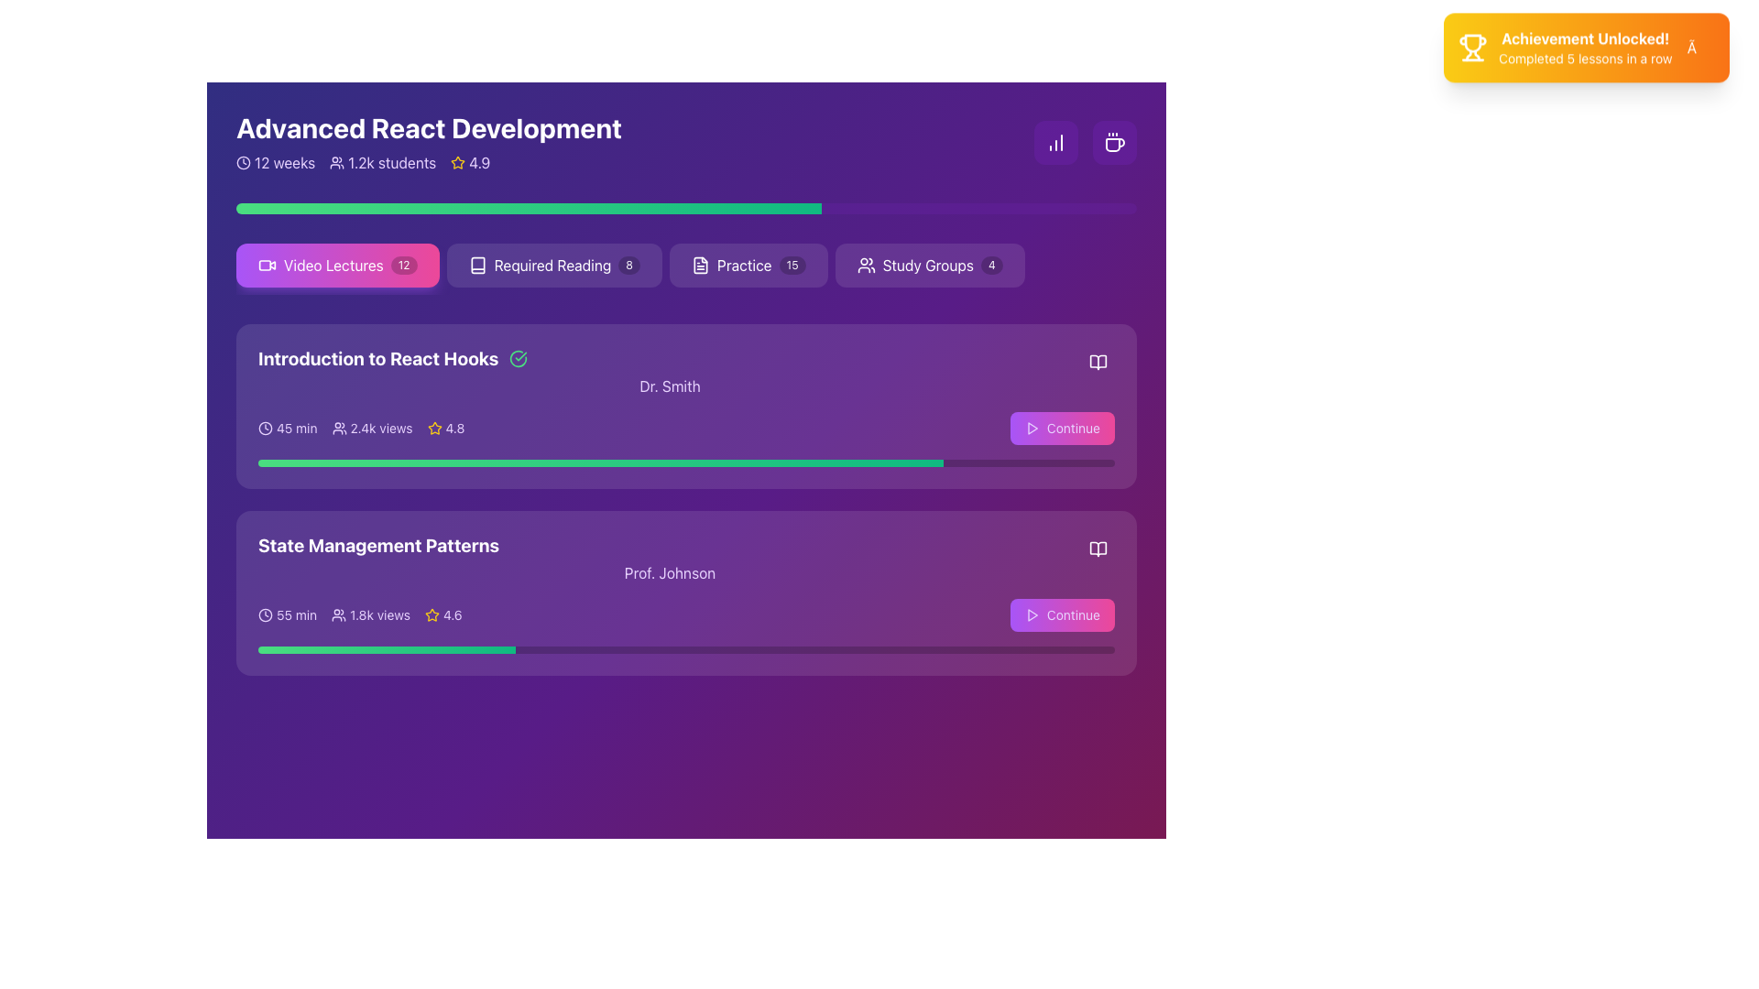 This screenshot has height=989, width=1759. I want to click on the 'Advanced React Development' text block, which features a bold title and course details below it, located just below the purple header bar, so click(428, 141).